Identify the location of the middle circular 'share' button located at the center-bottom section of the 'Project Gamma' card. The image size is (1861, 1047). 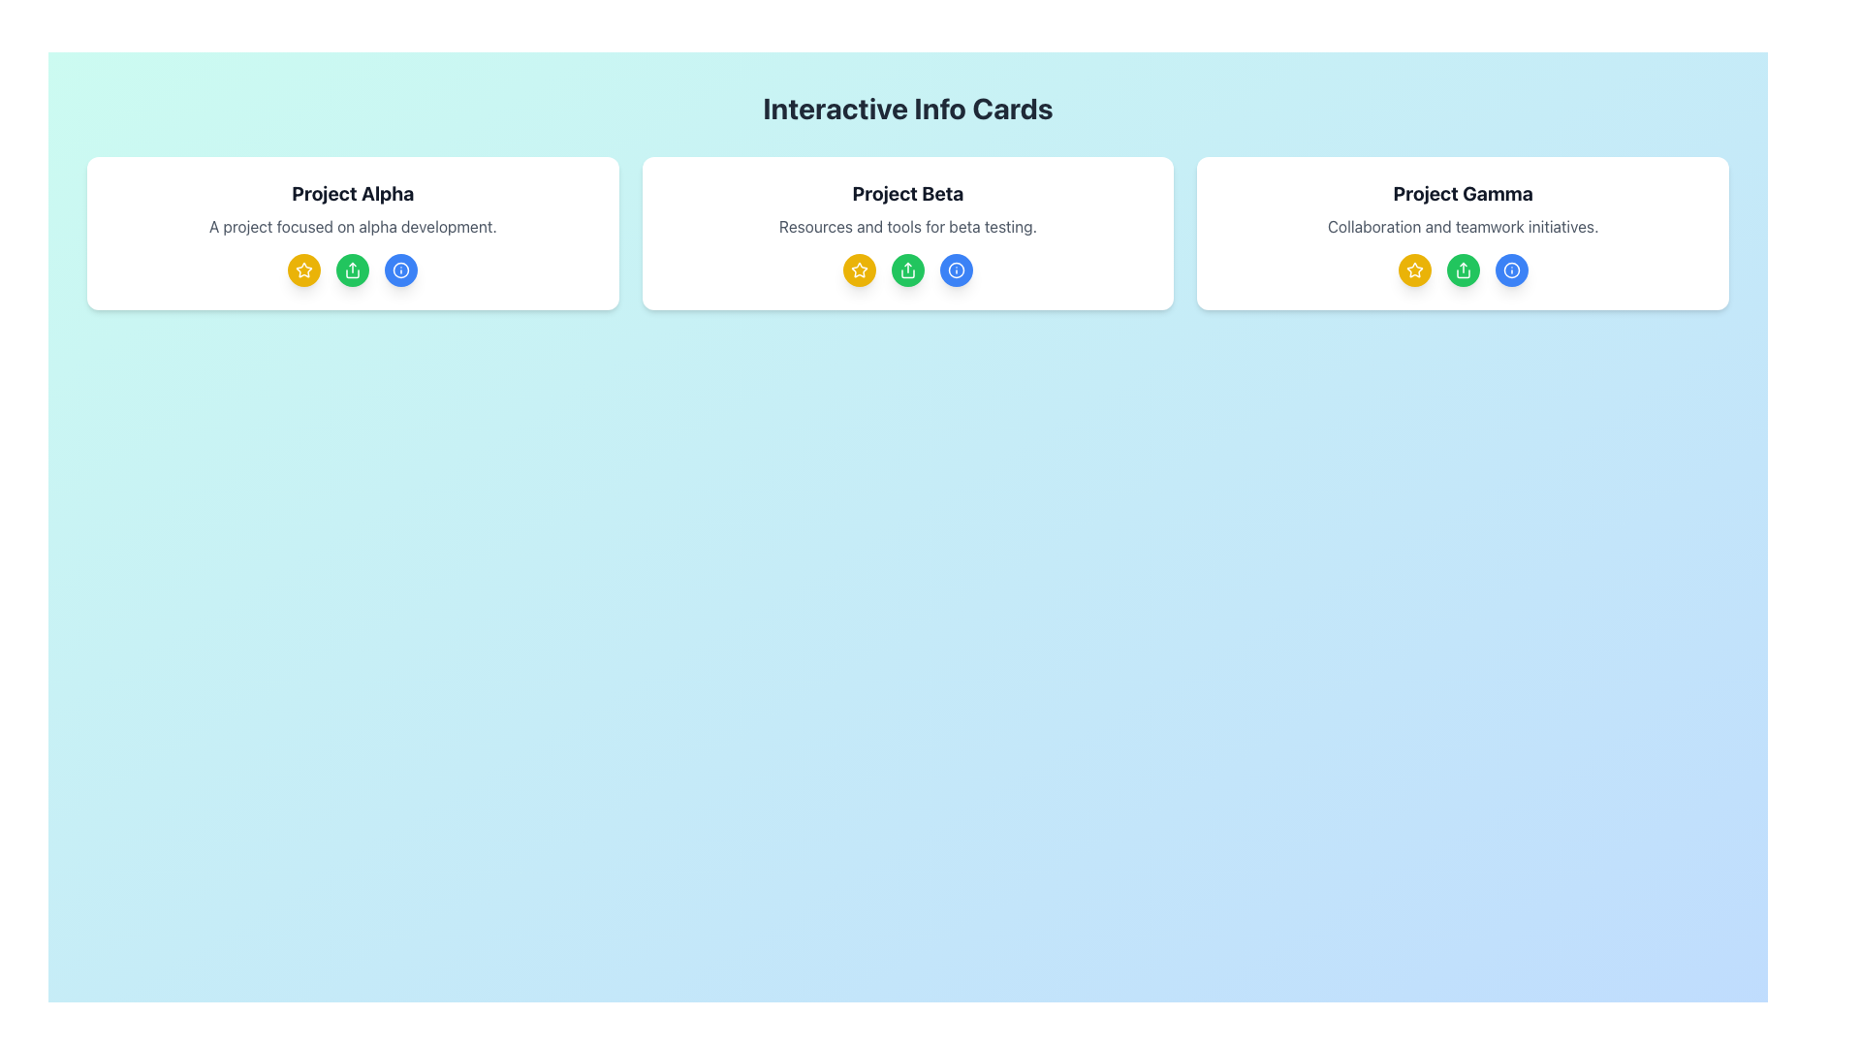
(1463, 270).